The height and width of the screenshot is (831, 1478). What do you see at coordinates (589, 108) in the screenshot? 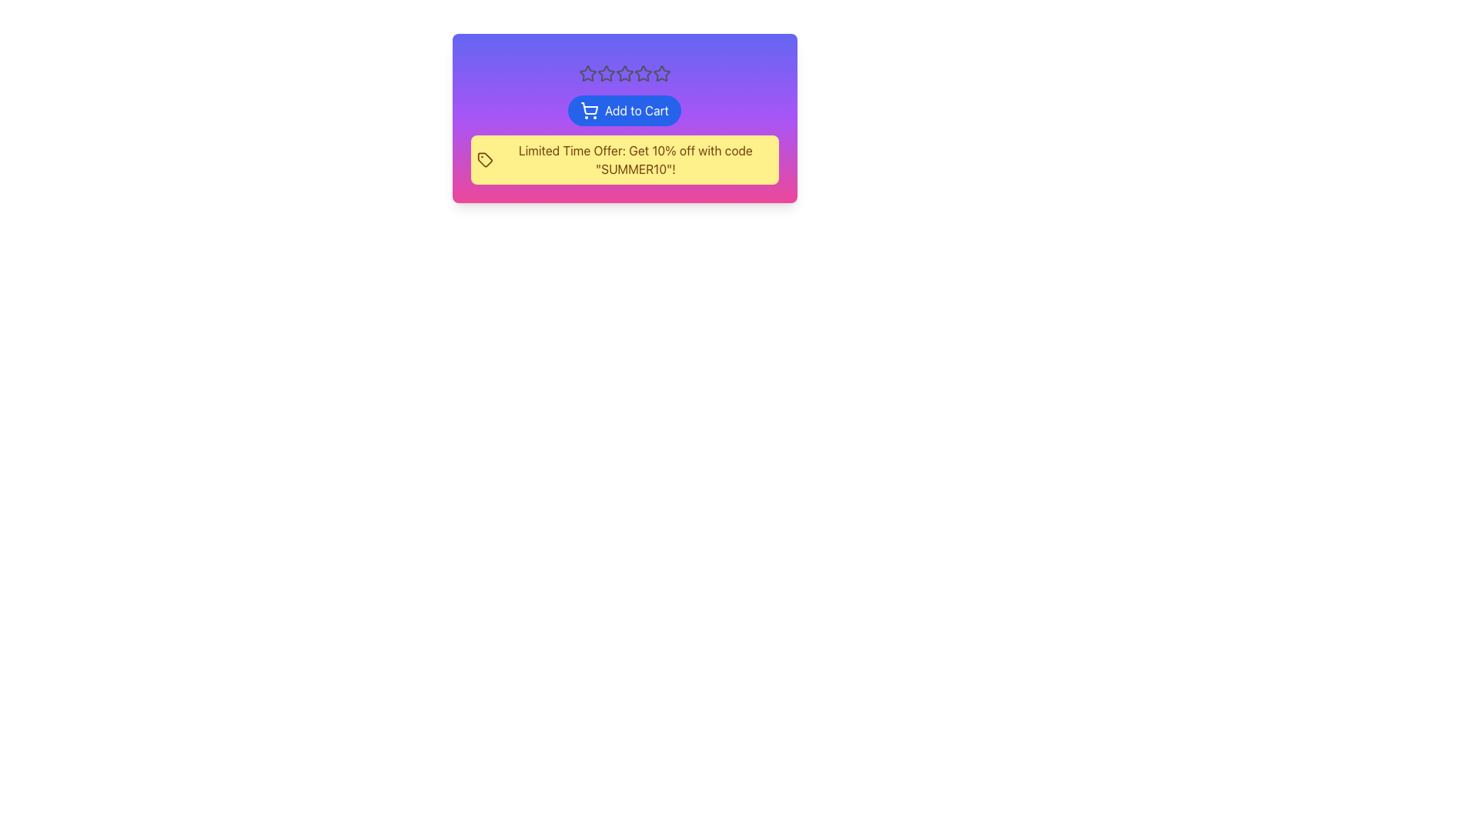
I see `the shopping cart icon, which is part of the 'Add to Cart' button located under the star rating section and above the promotional text block` at bounding box center [589, 108].